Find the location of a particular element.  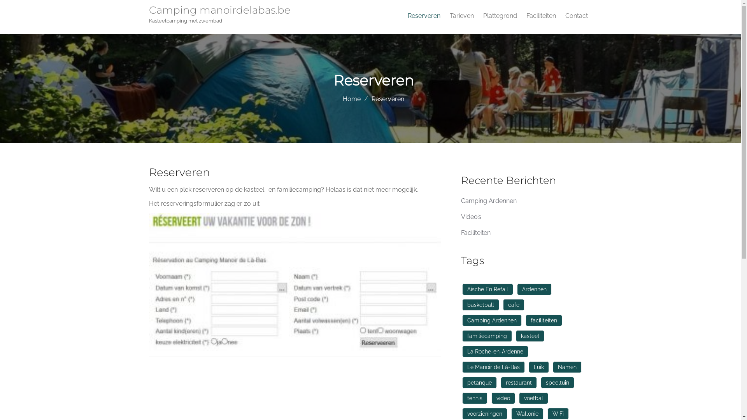

'Luik' is located at coordinates (538, 367).